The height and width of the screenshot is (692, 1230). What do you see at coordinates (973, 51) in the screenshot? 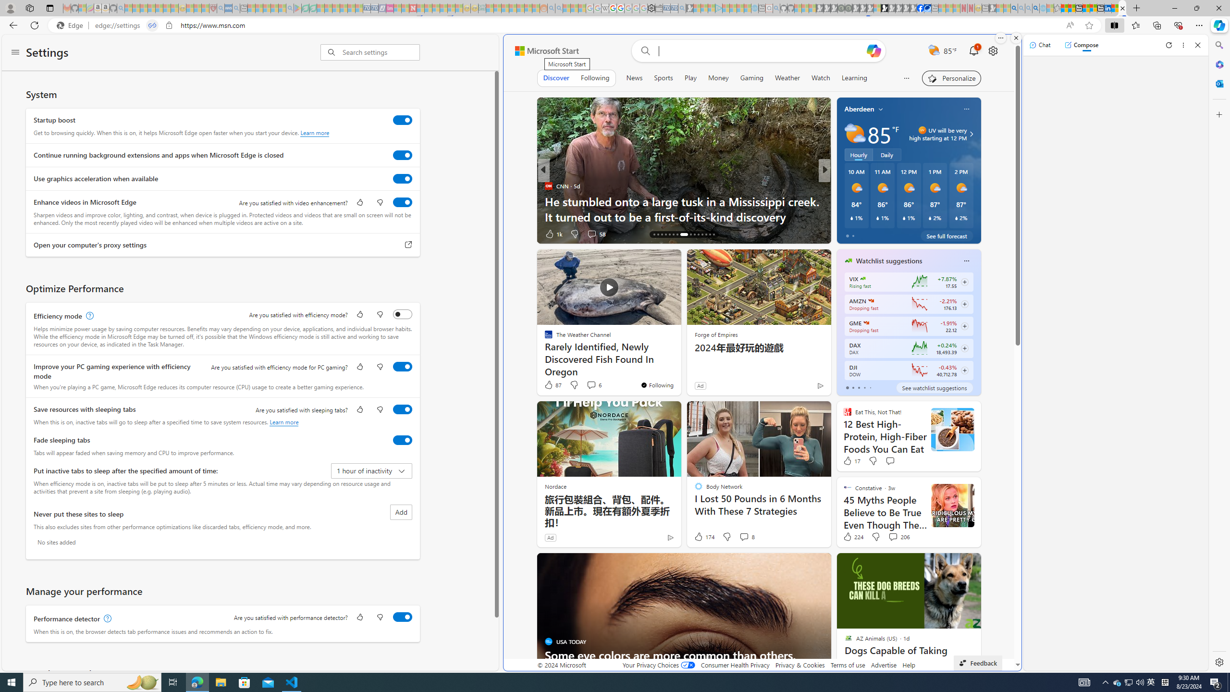
I see `'Notifications'` at bounding box center [973, 51].